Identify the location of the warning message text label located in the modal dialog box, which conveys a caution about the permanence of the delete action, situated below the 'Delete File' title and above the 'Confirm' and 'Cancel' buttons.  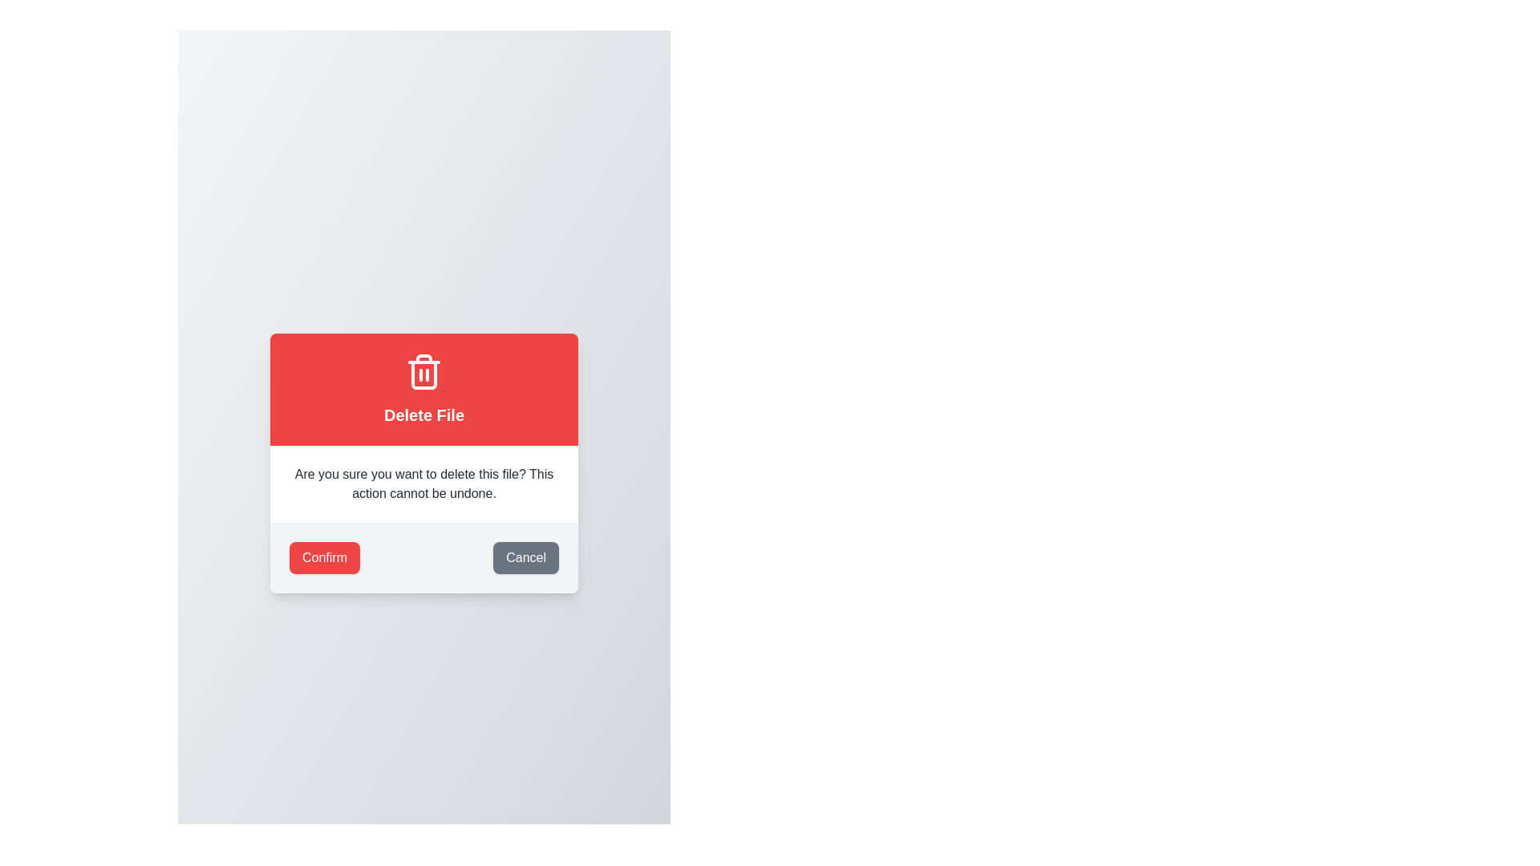
(423, 484).